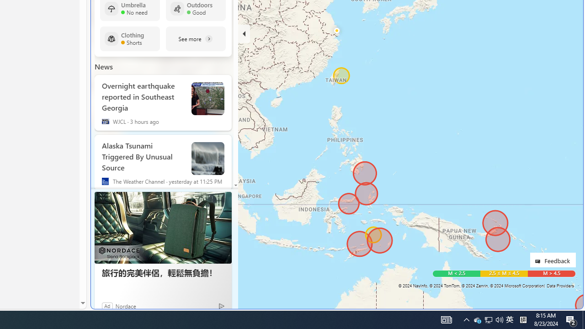 The width and height of the screenshot is (585, 329). Describe the element at coordinates (539, 261) in the screenshot. I see `'Class: feedback_link_icon-DS-EntryPoint1-1'` at that location.